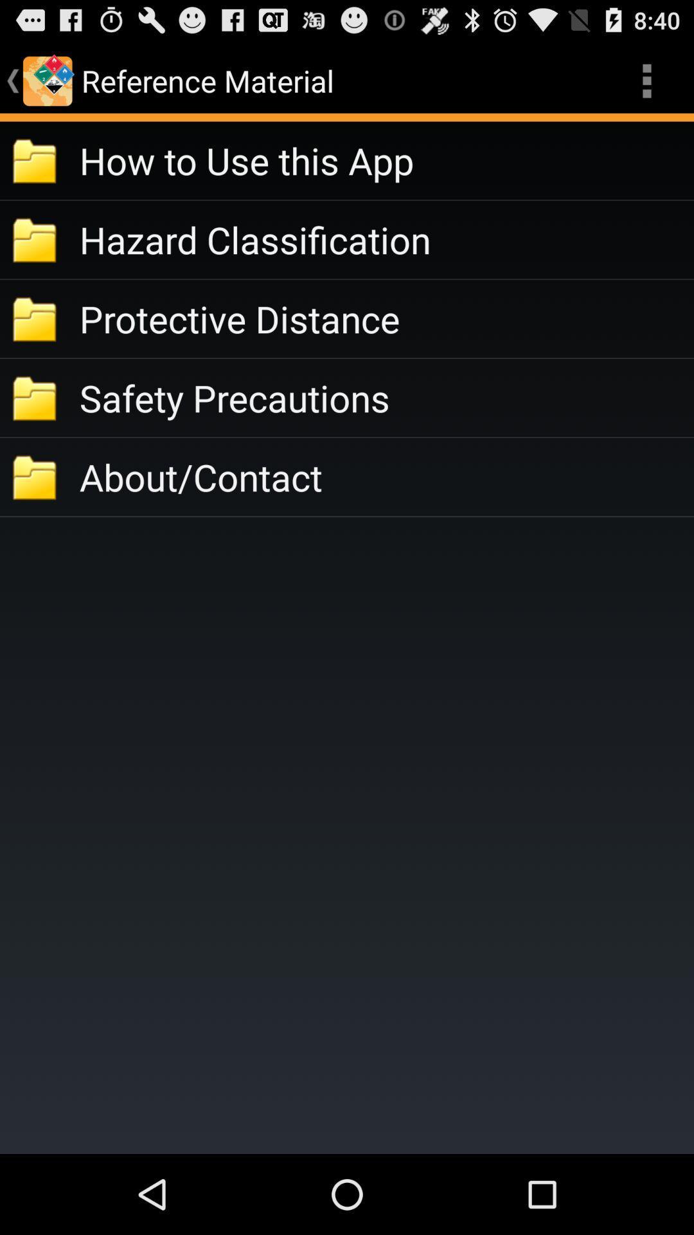 Image resolution: width=694 pixels, height=1235 pixels. What do you see at coordinates (386, 318) in the screenshot?
I see `app below hazard classification app` at bounding box center [386, 318].